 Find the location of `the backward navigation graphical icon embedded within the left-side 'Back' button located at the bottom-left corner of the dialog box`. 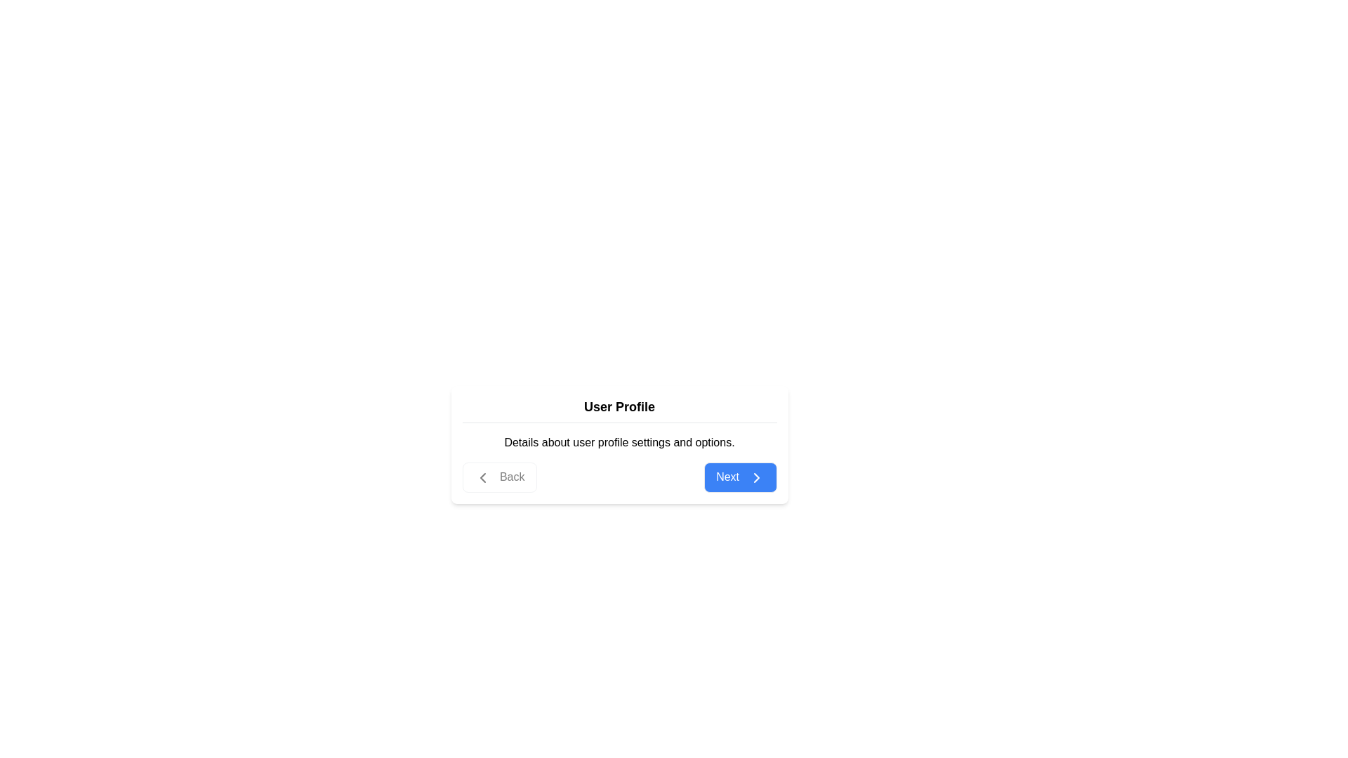

the backward navigation graphical icon embedded within the left-side 'Back' button located at the bottom-left corner of the dialog box is located at coordinates (482, 477).